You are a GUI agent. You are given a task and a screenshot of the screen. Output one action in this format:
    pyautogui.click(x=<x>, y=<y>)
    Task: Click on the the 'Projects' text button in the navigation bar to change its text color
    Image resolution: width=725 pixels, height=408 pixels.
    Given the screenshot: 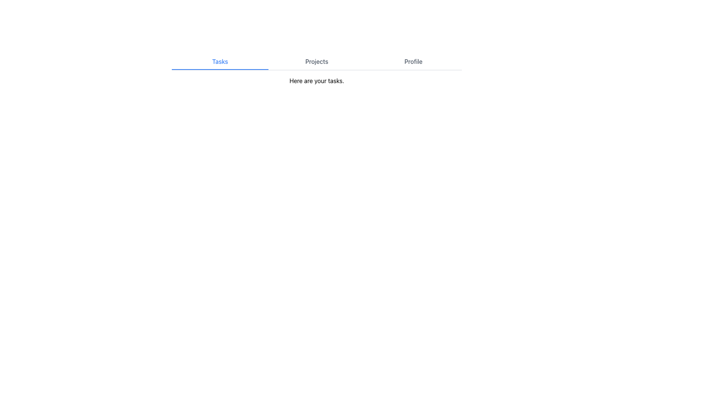 What is the action you would take?
    pyautogui.click(x=317, y=62)
    